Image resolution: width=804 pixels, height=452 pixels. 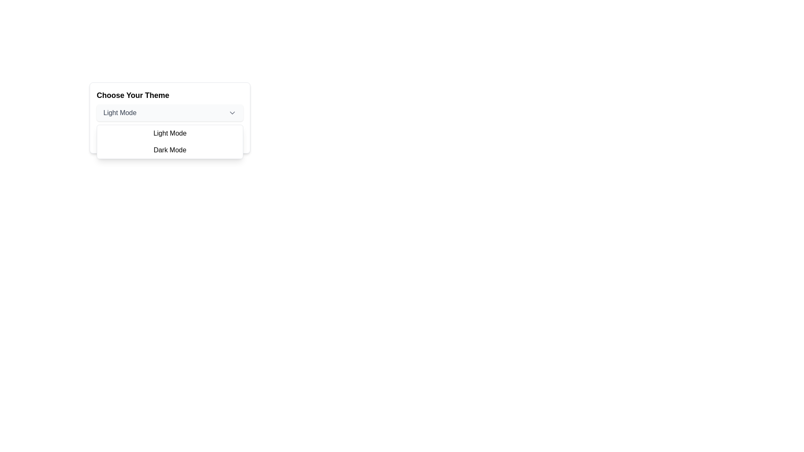 What do you see at coordinates (170, 133) in the screenshot?
I see `the 'Light Mode' option in the dropdown menu, which is the first option styled with a white background and highlighted in blue when hovered over` at bounding box center [170, 133].